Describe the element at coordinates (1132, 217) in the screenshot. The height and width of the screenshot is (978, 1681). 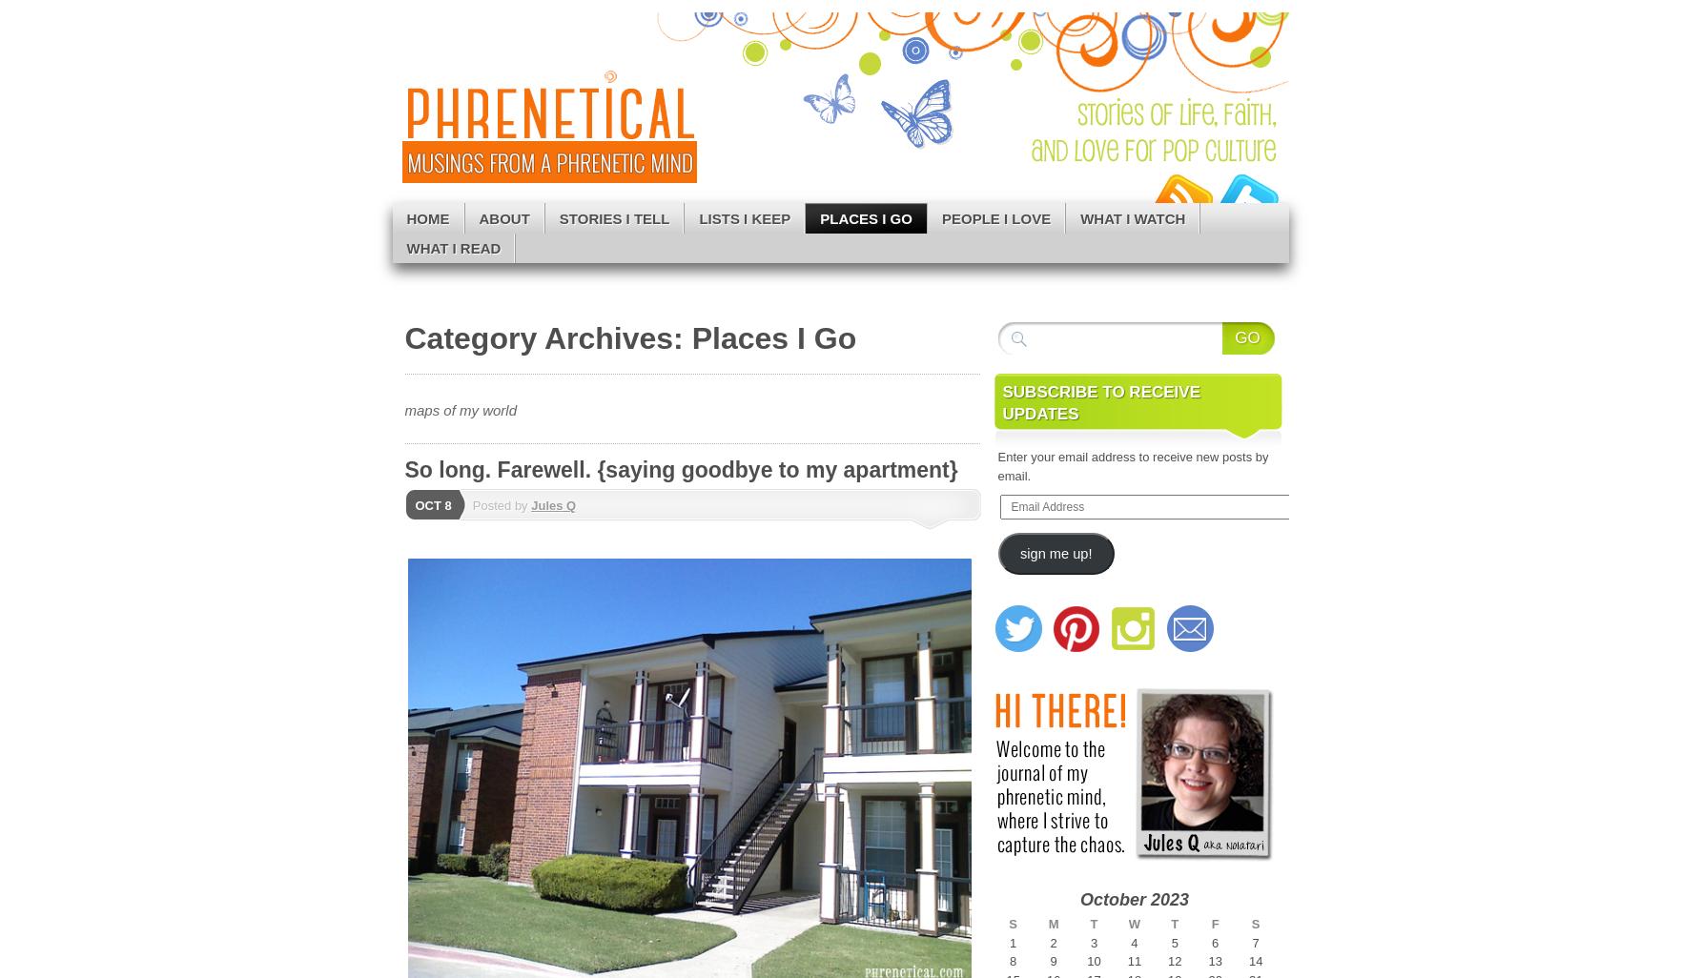
I see `'What I Watch'` at that location.